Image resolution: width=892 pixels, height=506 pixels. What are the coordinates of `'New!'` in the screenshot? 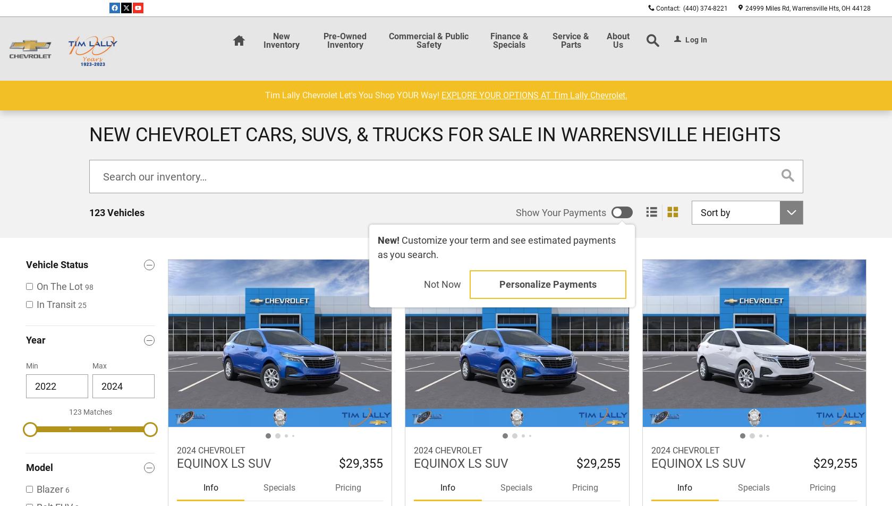 It's located at (378, 239).